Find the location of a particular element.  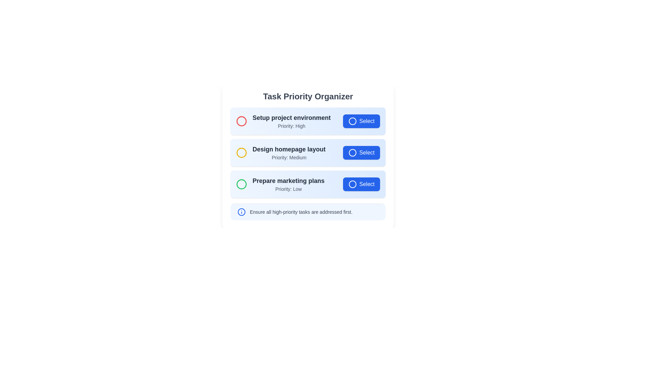

the button labeled 'Select' that is styled with a blue background and white text, located in the middle of three interactive areas on the right side of the task list interface for the task 'Design homepage layout' is located at coordinates (366, 152).